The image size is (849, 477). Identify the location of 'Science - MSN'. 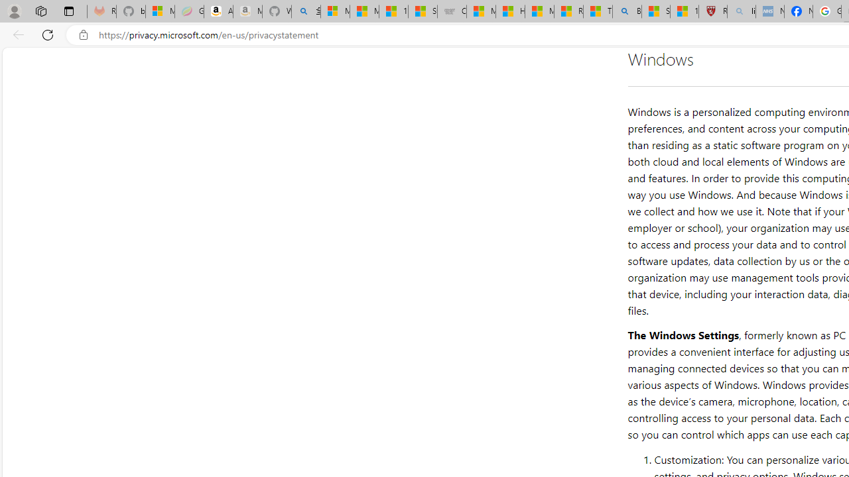
(655, 11).